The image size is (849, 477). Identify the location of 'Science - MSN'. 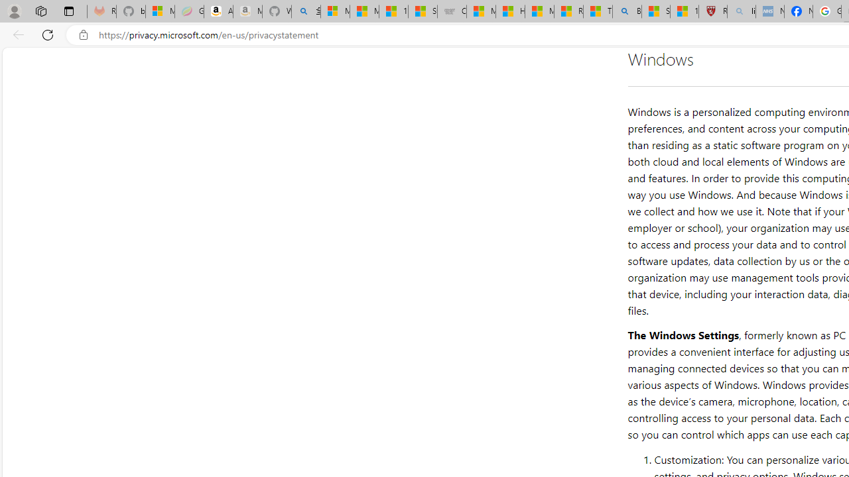
(655, 11).